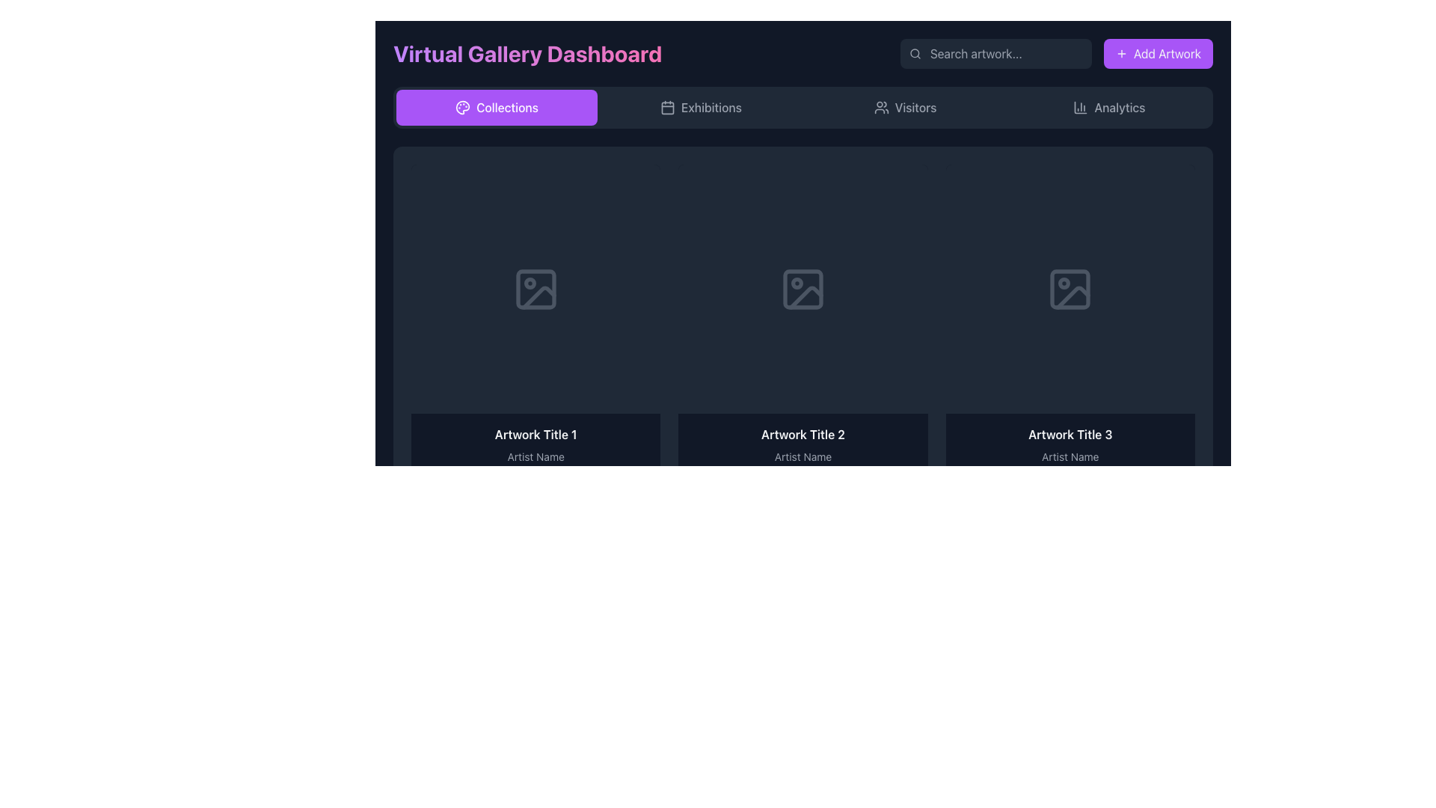 This screenshot has width=1436, height=808. I want to click on the non-interactive Icon component, which is a small rectangle with rounded corners, styled in dark color and located inside an image-like icon in the grid layout, so click(1070, 289).